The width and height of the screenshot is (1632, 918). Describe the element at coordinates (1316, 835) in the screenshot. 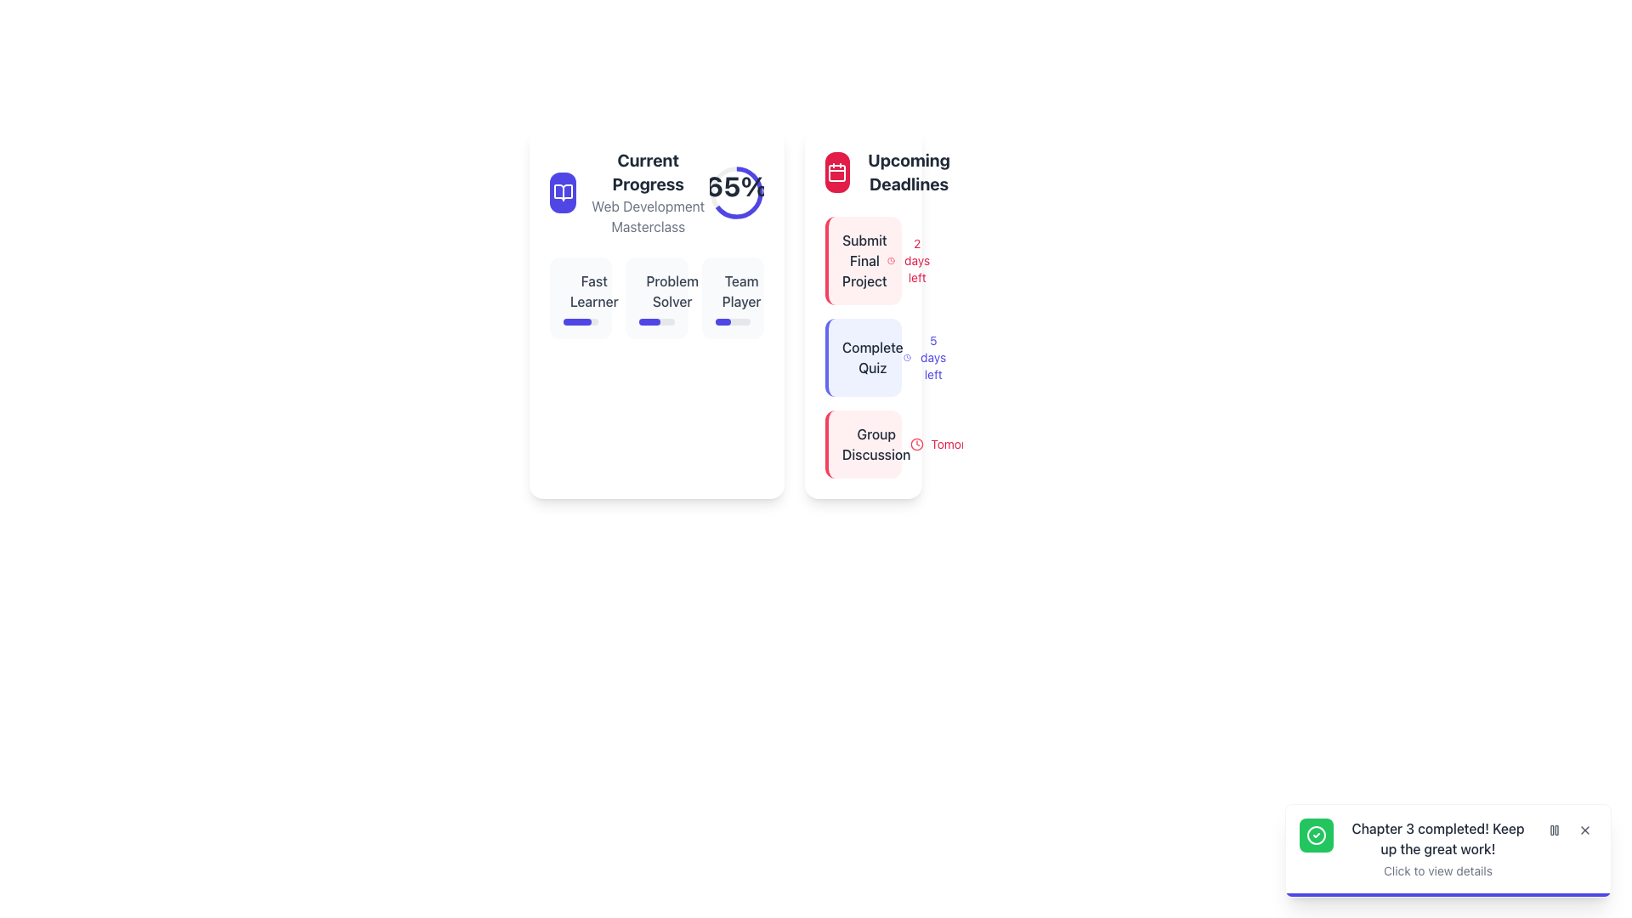

I see `the Success Icon located in the notification card at the bottom-right corner, adjacent to the message 'Chapter 3 completed! Keep up the great work!'` at that location.